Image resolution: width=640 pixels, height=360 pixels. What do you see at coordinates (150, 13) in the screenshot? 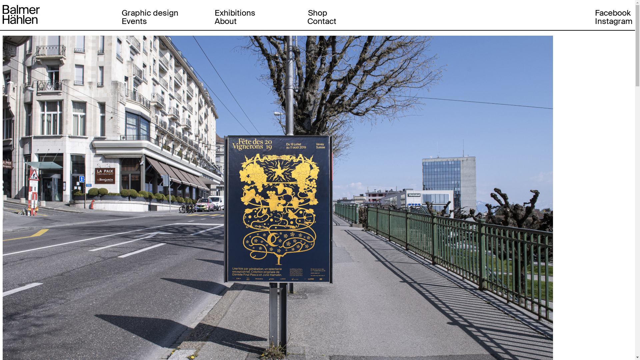
I see `'Graphic design'` at bounding box center [150, 13].